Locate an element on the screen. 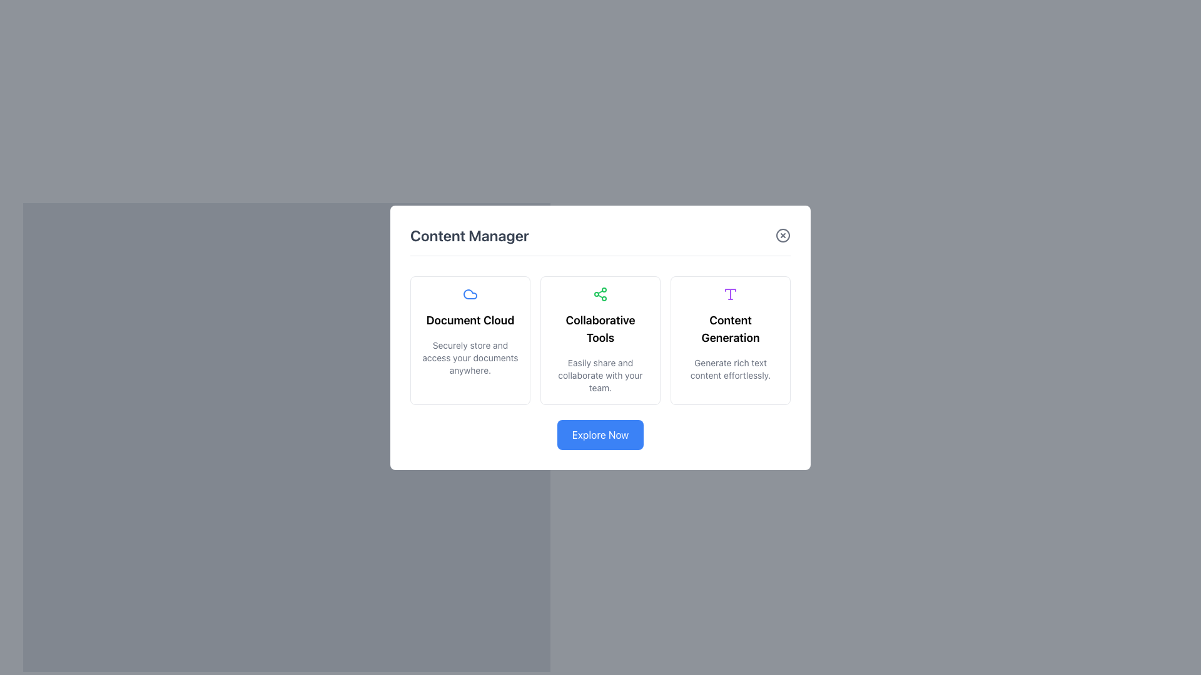  the share icon located above the 'Collaborative Tools' text and below the 'Content Manager' heading in the second column of a three-column layout is located at coordinates (600, 294).